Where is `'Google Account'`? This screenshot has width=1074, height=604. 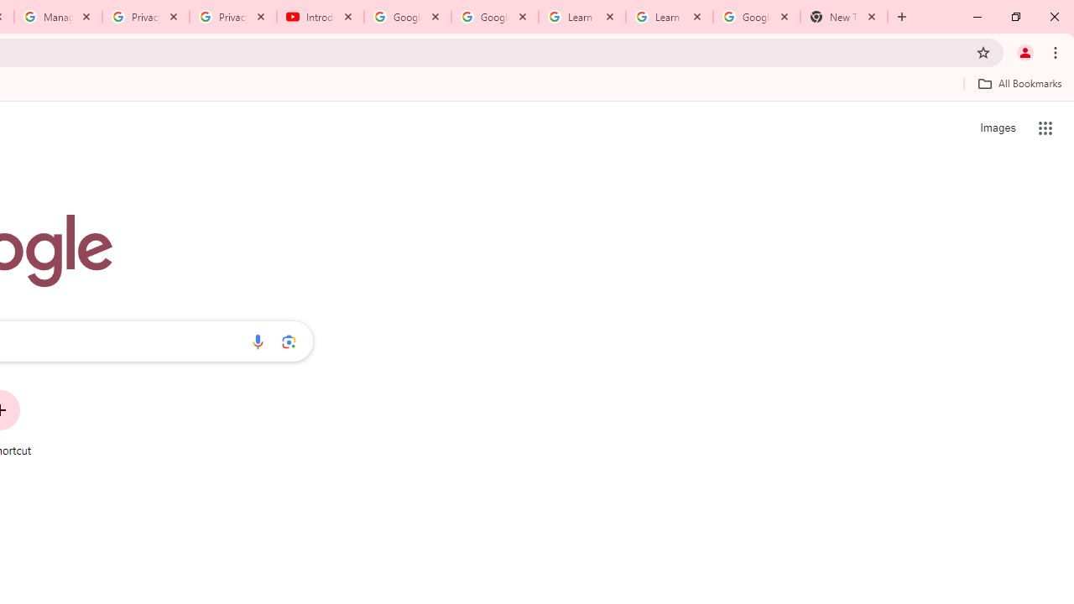 'Google Account' is located at coordinates (755, 17).